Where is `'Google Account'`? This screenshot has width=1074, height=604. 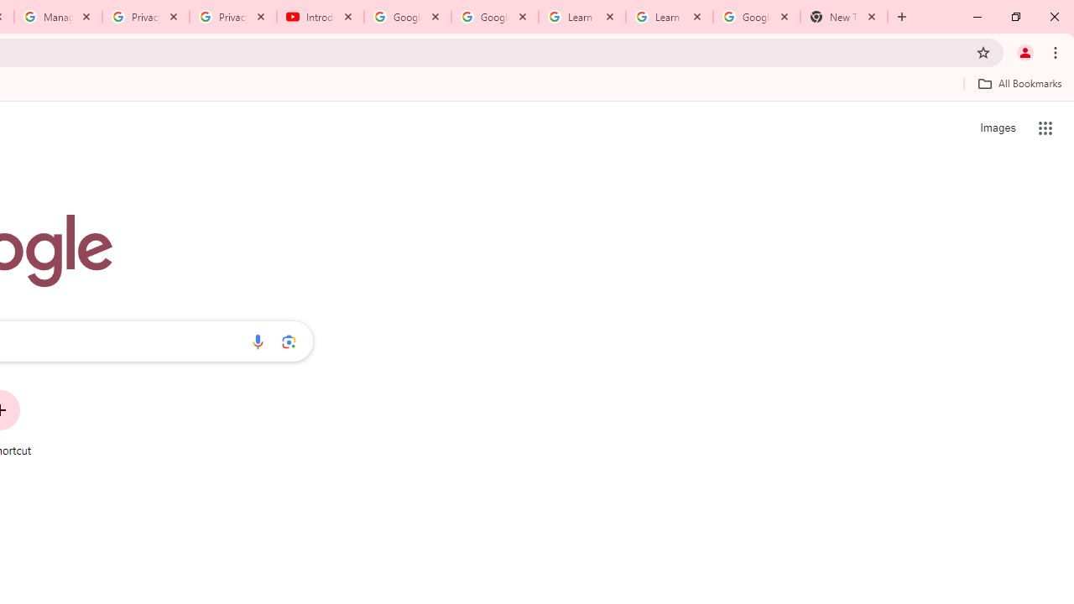 'Google Account' is located at coordinates (755, 17).